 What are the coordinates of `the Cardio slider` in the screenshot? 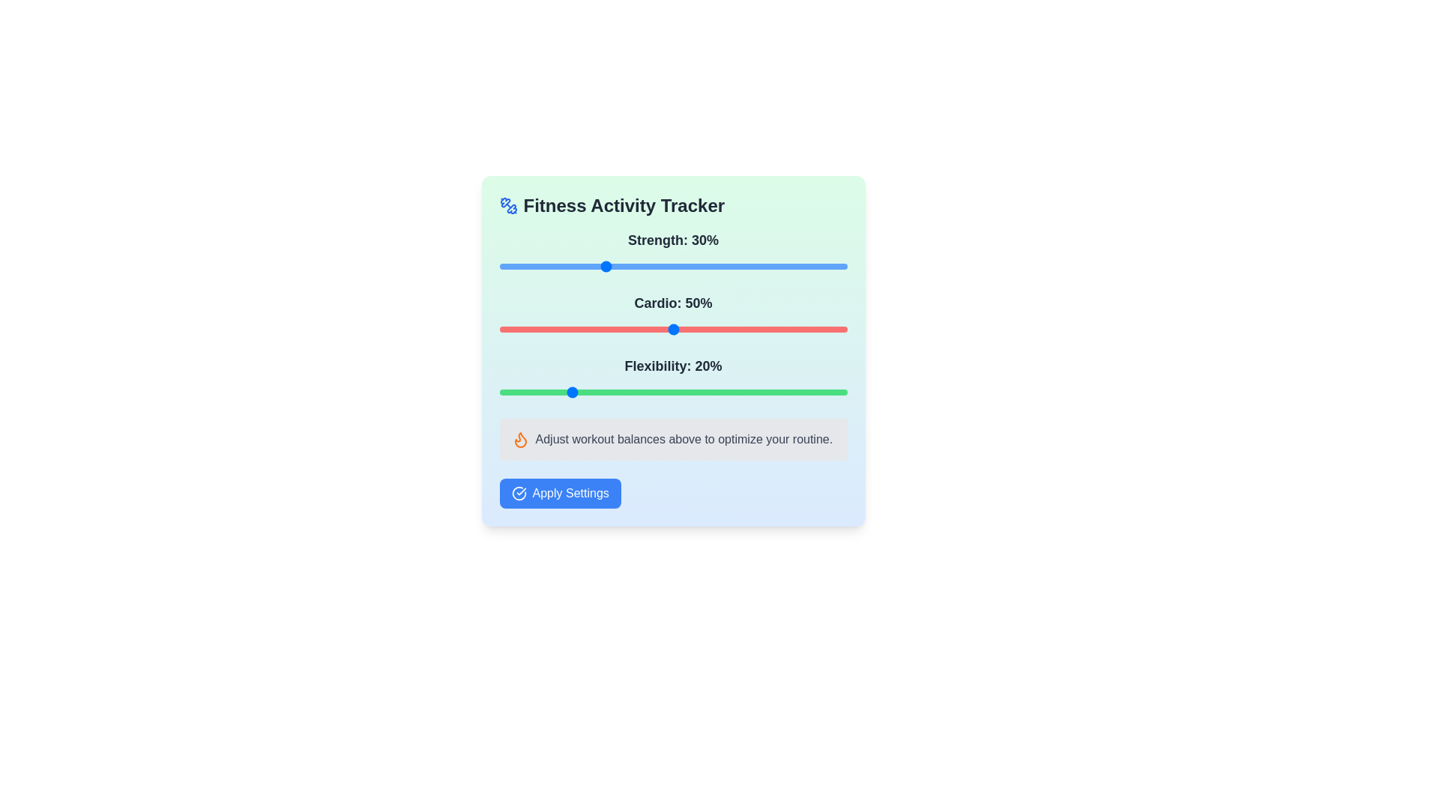 It's located at (794, 328).